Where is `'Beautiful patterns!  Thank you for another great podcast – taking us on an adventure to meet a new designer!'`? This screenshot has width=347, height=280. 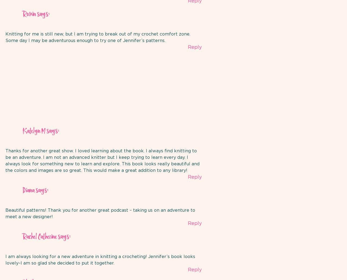 'Beautiful patterns!  Thank you for another great podcast – taking us on an adventure to meet a new designer!' is located at coordinates (100, 213).